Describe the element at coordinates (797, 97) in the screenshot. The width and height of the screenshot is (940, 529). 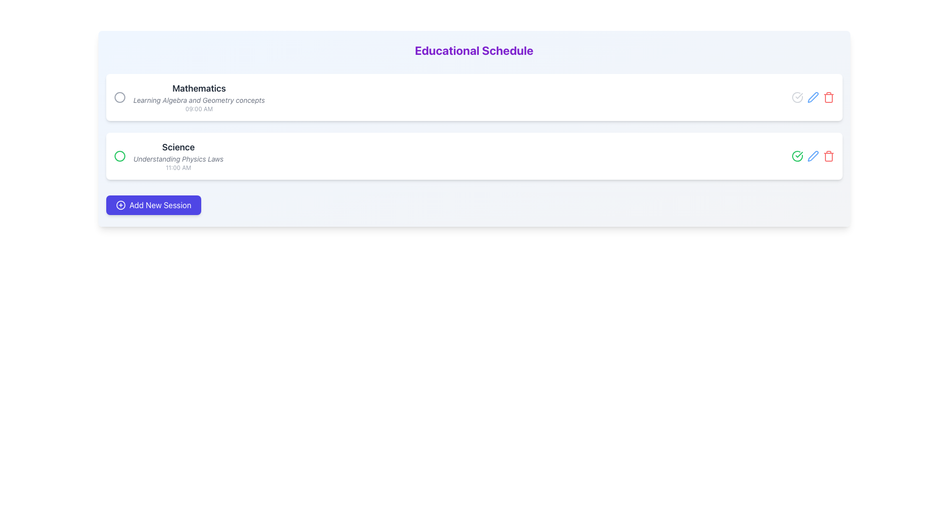
I see `the Circular status toggle icon located in the top row, first from the left` at that location.